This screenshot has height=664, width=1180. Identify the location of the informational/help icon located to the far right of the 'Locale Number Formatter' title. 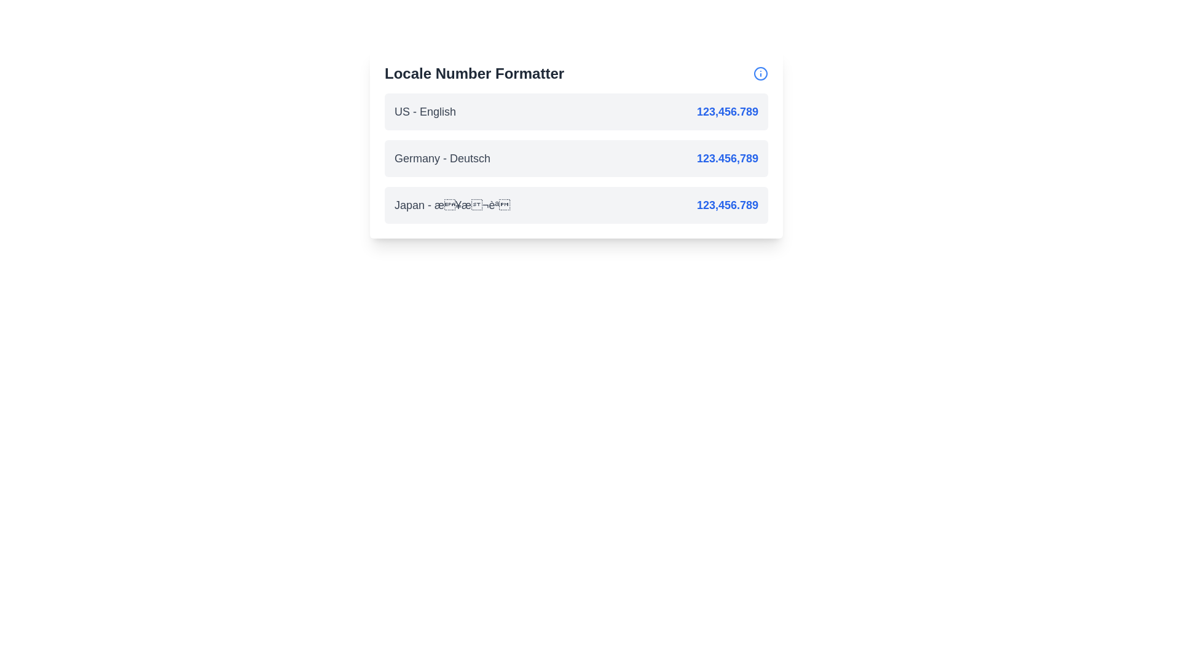
(760, 73).